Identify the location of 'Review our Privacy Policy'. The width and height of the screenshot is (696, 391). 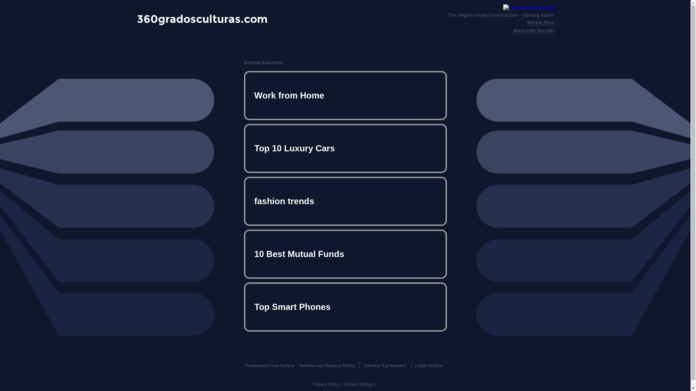
(327, 365).